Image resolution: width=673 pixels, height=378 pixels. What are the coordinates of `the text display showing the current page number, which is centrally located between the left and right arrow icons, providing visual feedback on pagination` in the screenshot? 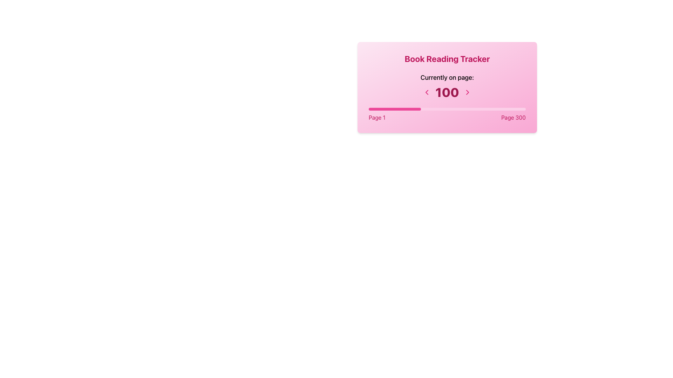 It's located at (447, 92).